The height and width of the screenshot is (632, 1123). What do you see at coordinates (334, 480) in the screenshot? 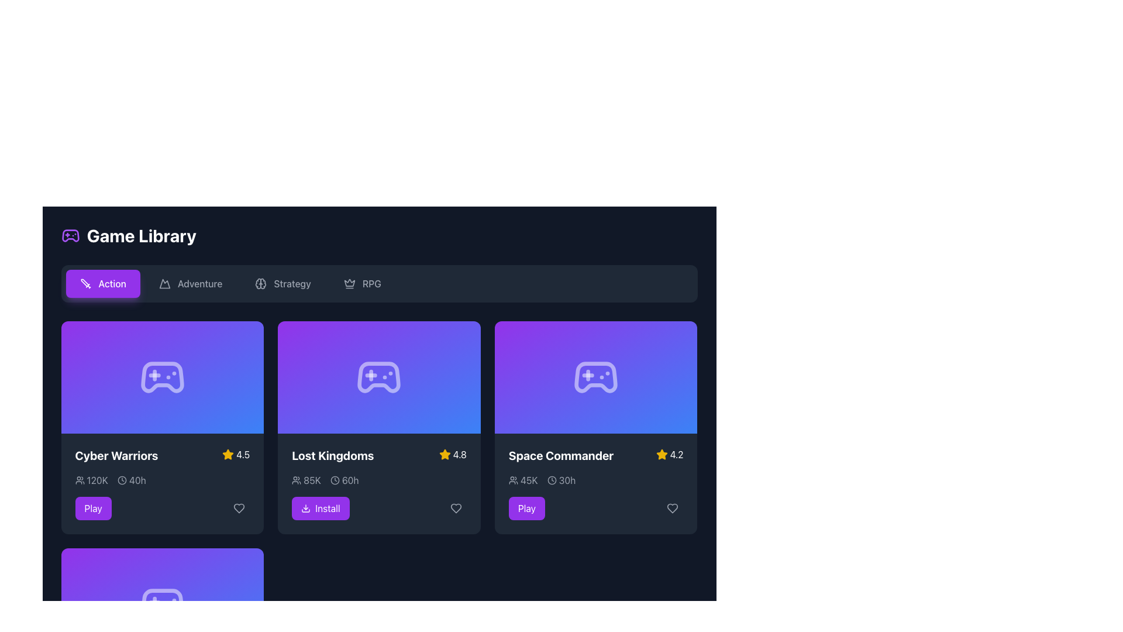
I see `SVG Circle element located at the top right corner of the Lost Kingdoms card in the Game Library interface for debugging purposes` at bounding box center [334, 480].